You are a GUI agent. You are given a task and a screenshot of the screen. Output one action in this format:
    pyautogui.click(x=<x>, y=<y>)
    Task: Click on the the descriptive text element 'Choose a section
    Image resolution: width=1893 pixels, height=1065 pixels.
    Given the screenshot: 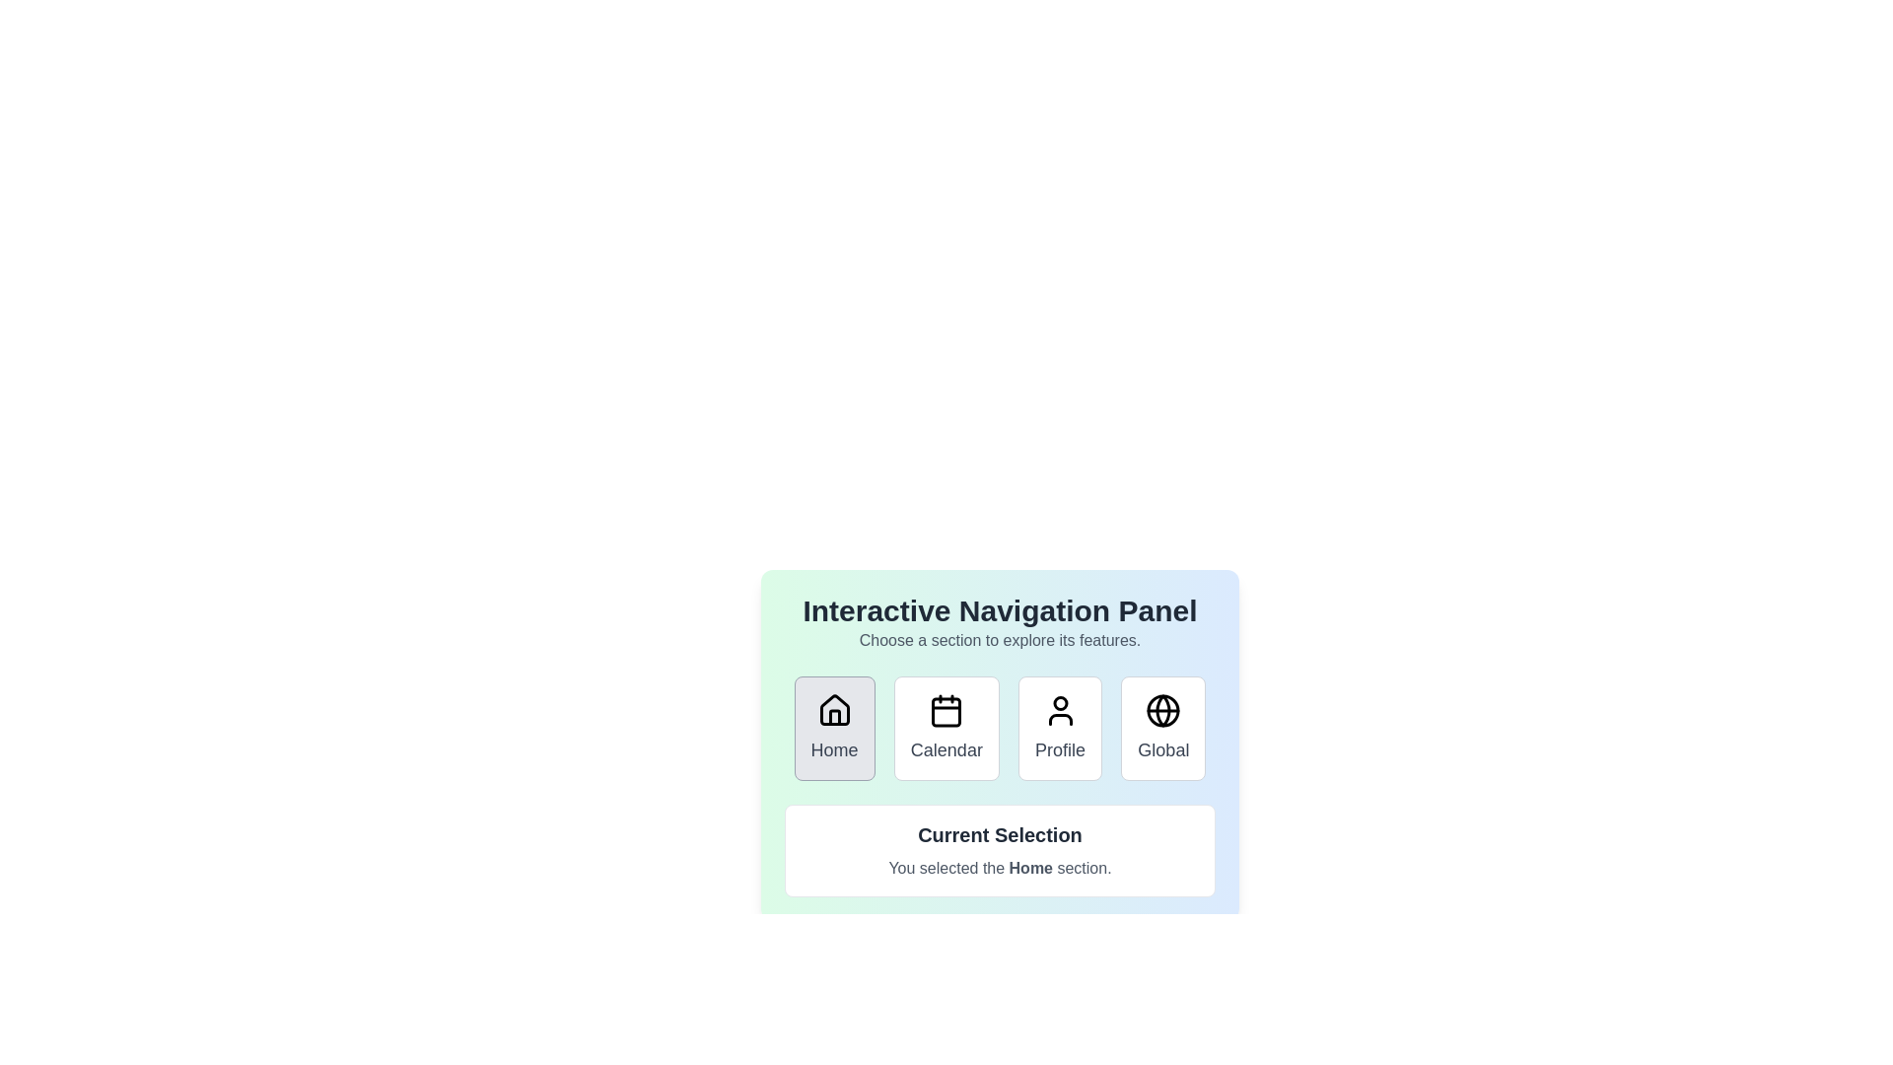 What is the action you would take?
    pyautogui.click(x=1000, y=641)
    